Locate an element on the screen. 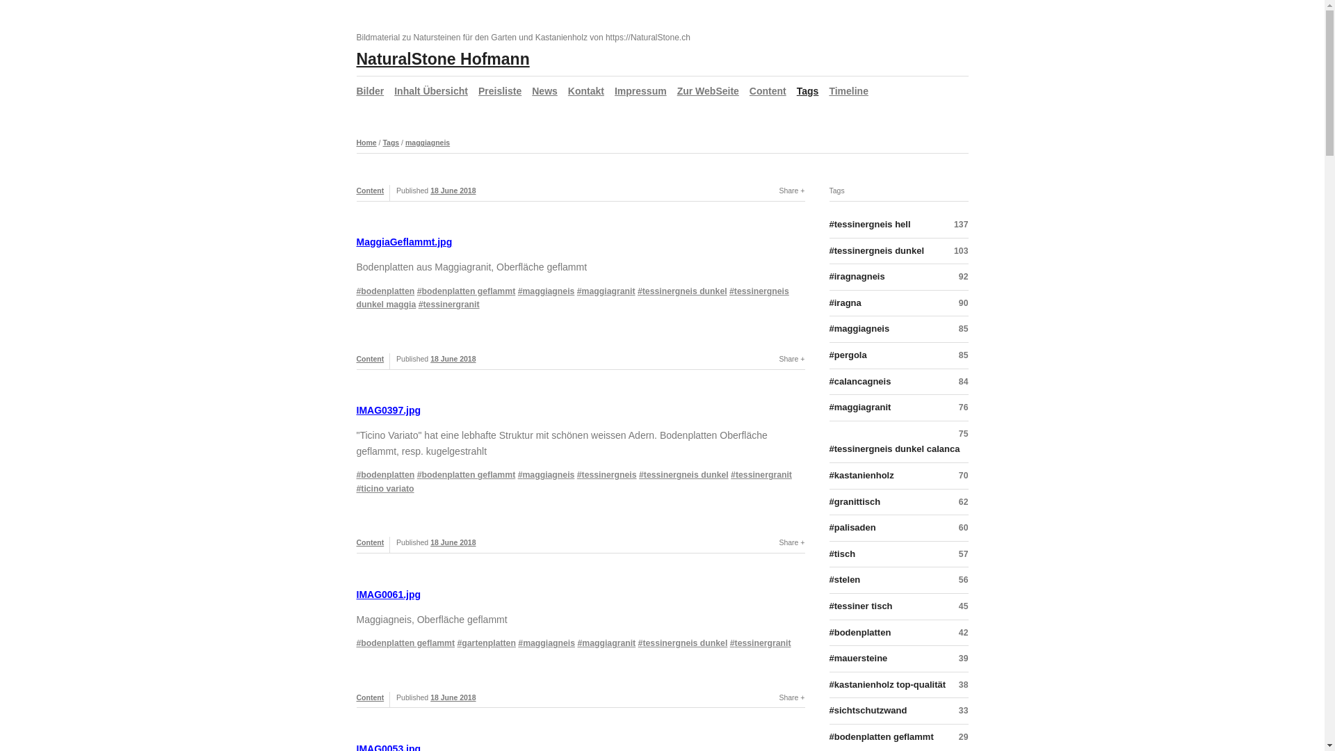 This screenshot has height=751, width=1335. '103 is located at coordinates (898, 252).